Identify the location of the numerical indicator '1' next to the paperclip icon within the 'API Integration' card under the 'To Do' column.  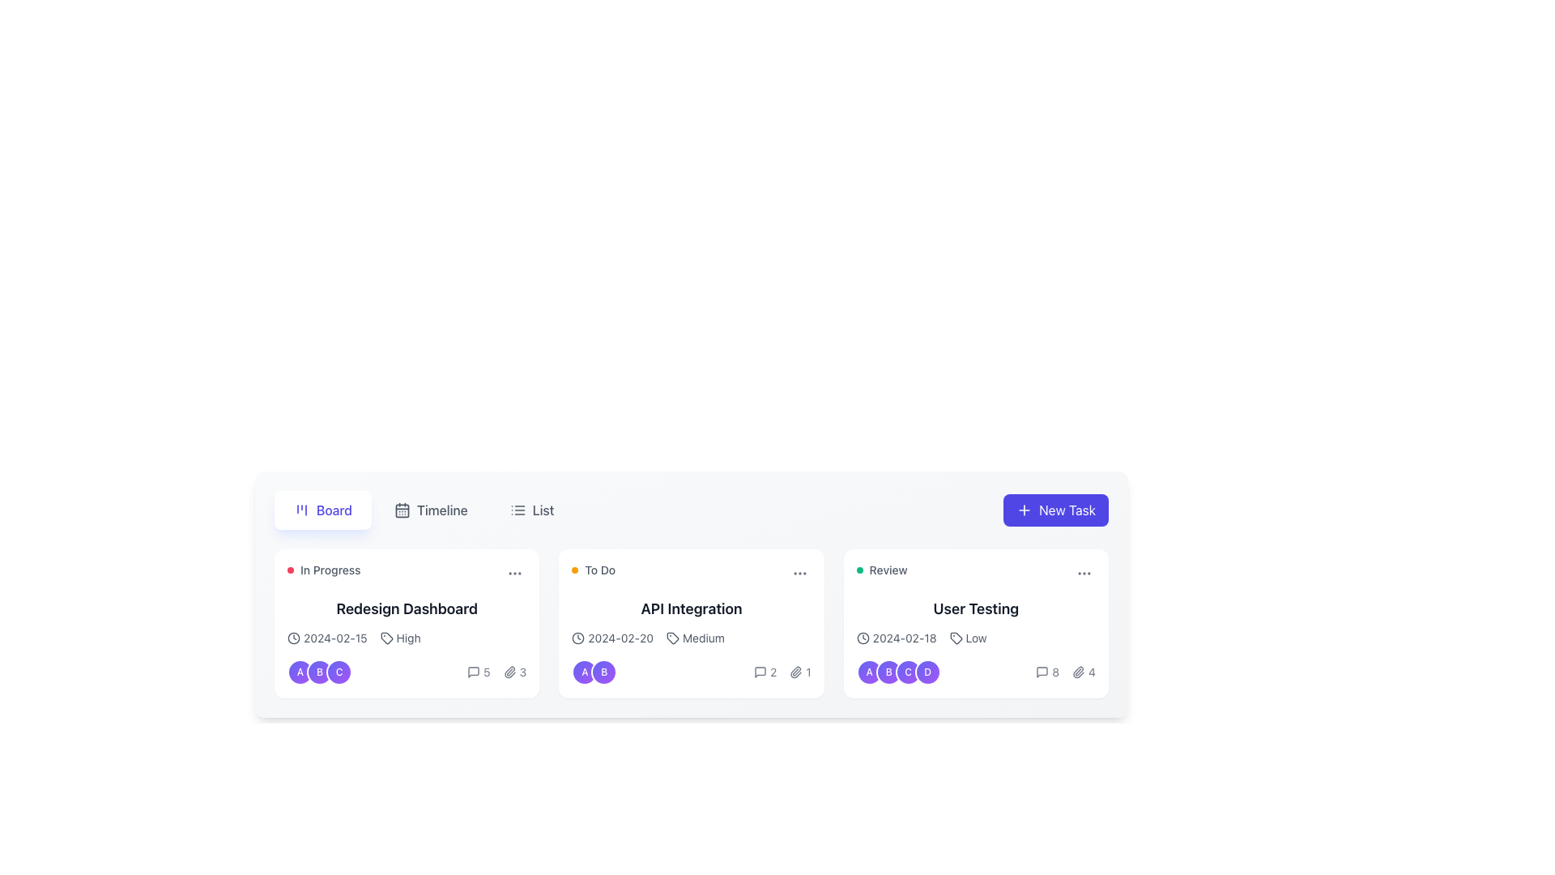
(800, 672).